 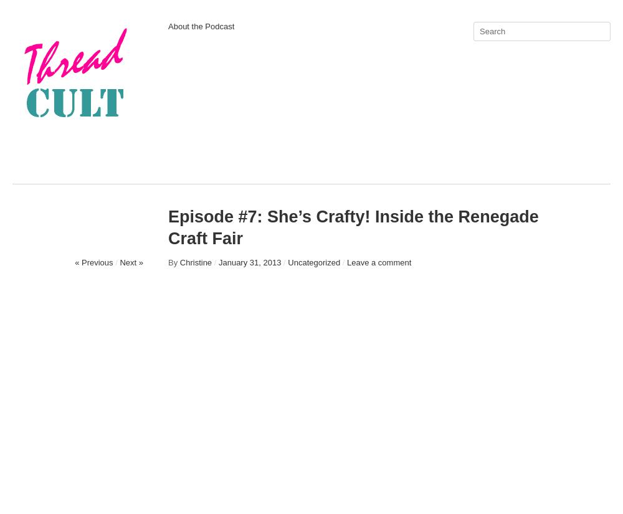 What do you see at coordinates (195, 262) in the screenshot?
I see `'Christine'` at bounding box center [195, 262].